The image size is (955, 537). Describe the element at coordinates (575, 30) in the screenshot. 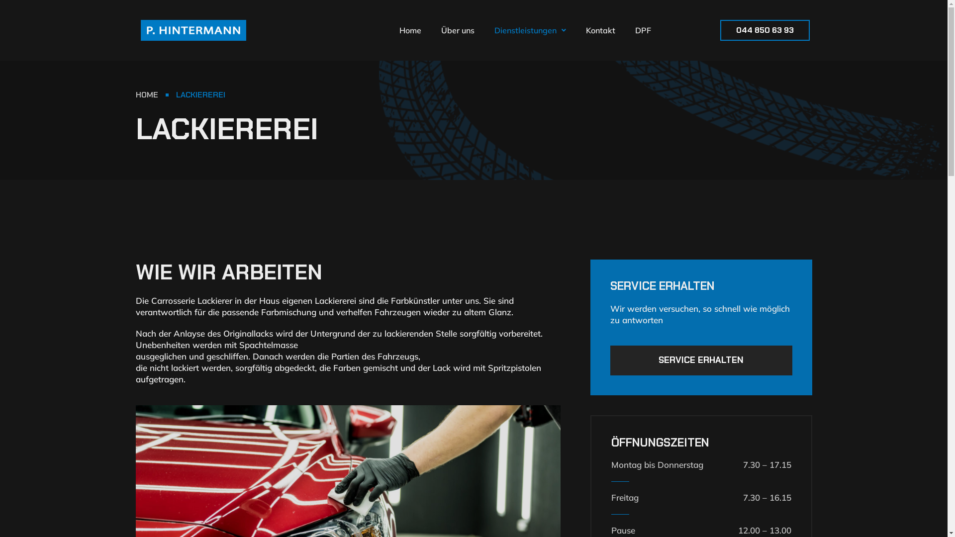

I see `'Kontakt'` at that location.